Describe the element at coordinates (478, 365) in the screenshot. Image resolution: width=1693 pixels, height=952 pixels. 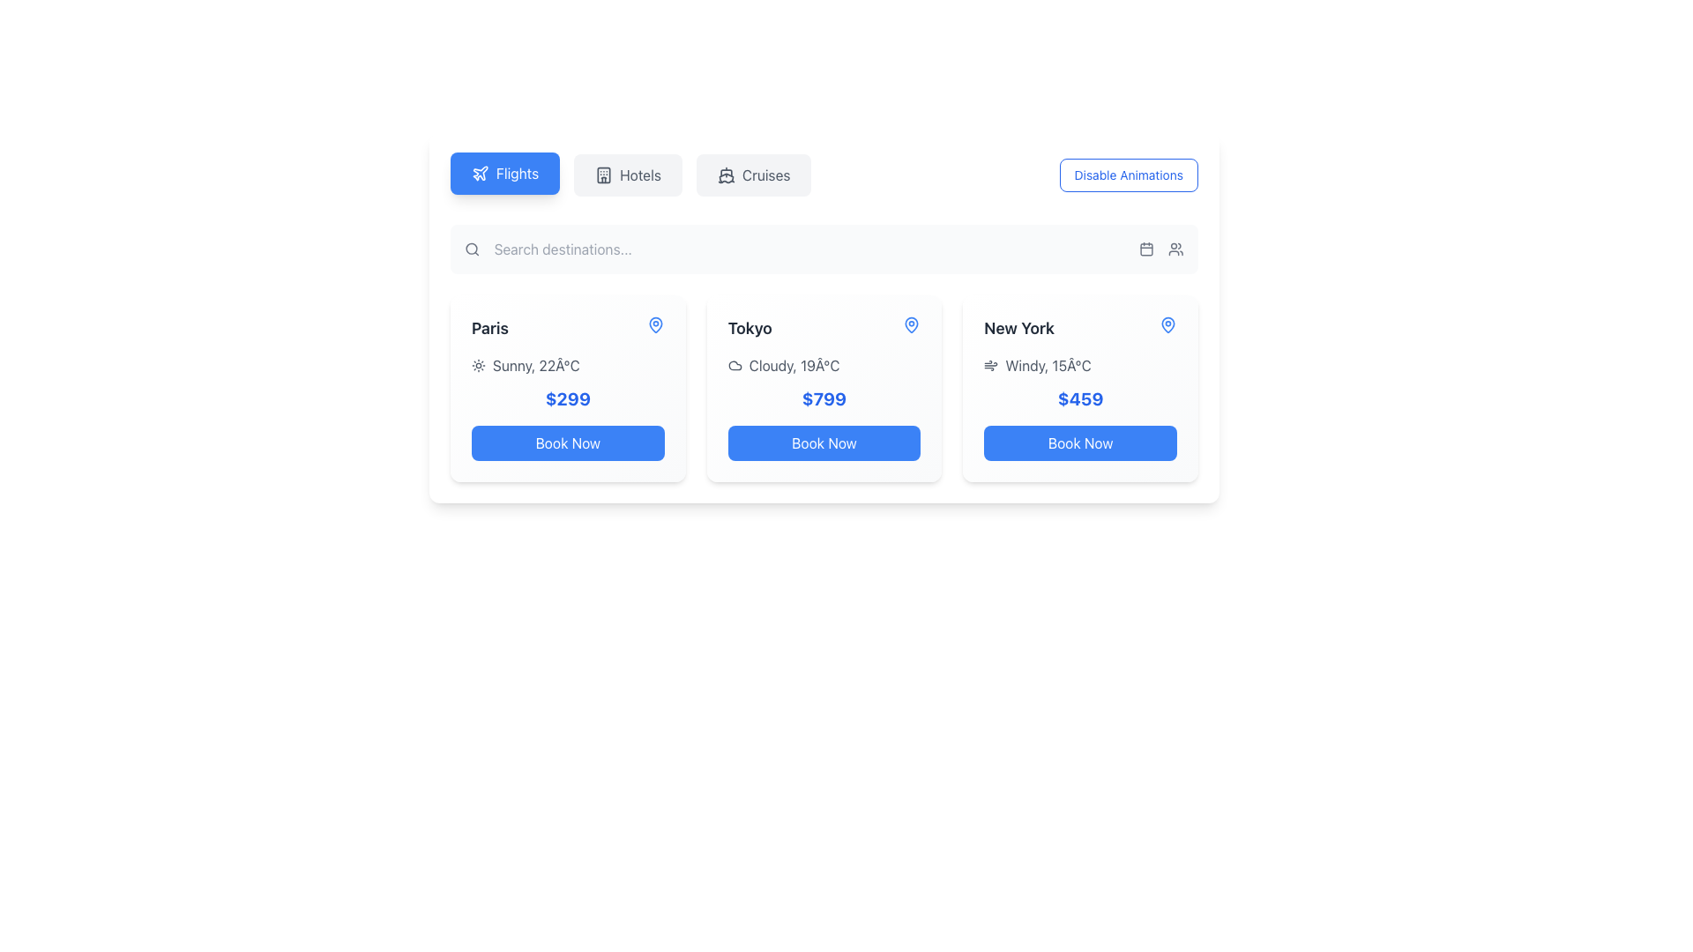
I see `the sun icon representing sunny weather conditions for Paris, located immediately to the left of the text 'Sunny, 22°C'` at that location.